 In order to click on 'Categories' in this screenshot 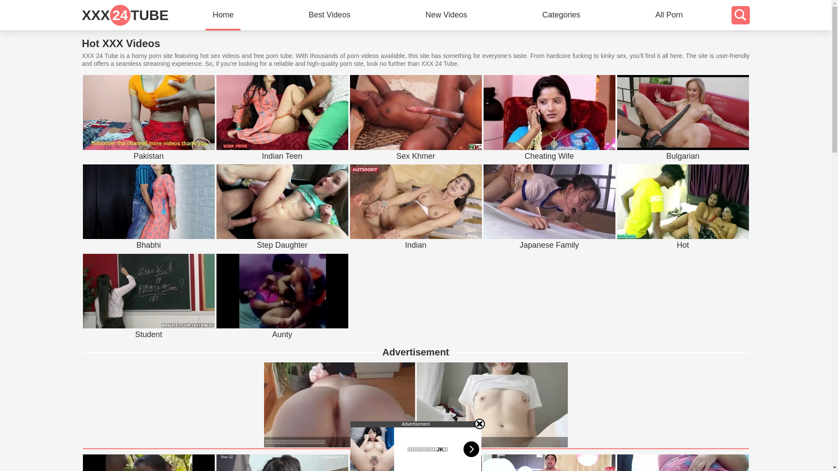, I will do `click(561, 15)`.